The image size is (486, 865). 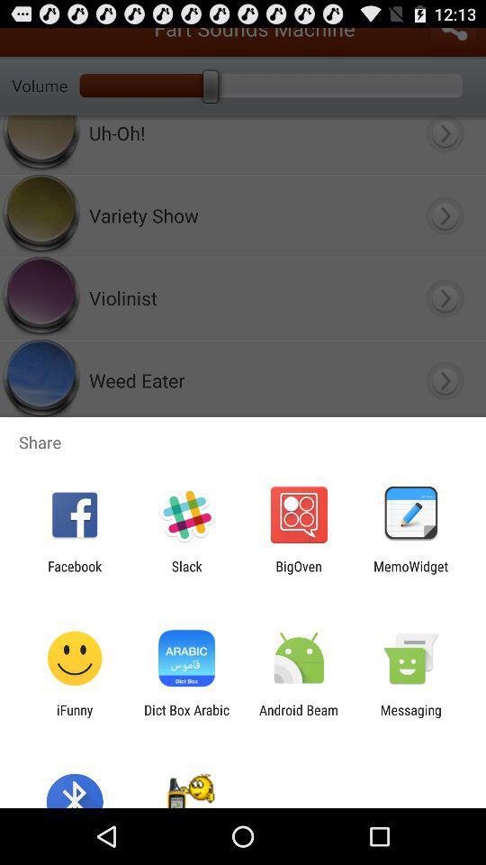 What do you see at coordinates (74, 573) in the screenshot?
I see `the facebook item` at bounding box center [74, 573].